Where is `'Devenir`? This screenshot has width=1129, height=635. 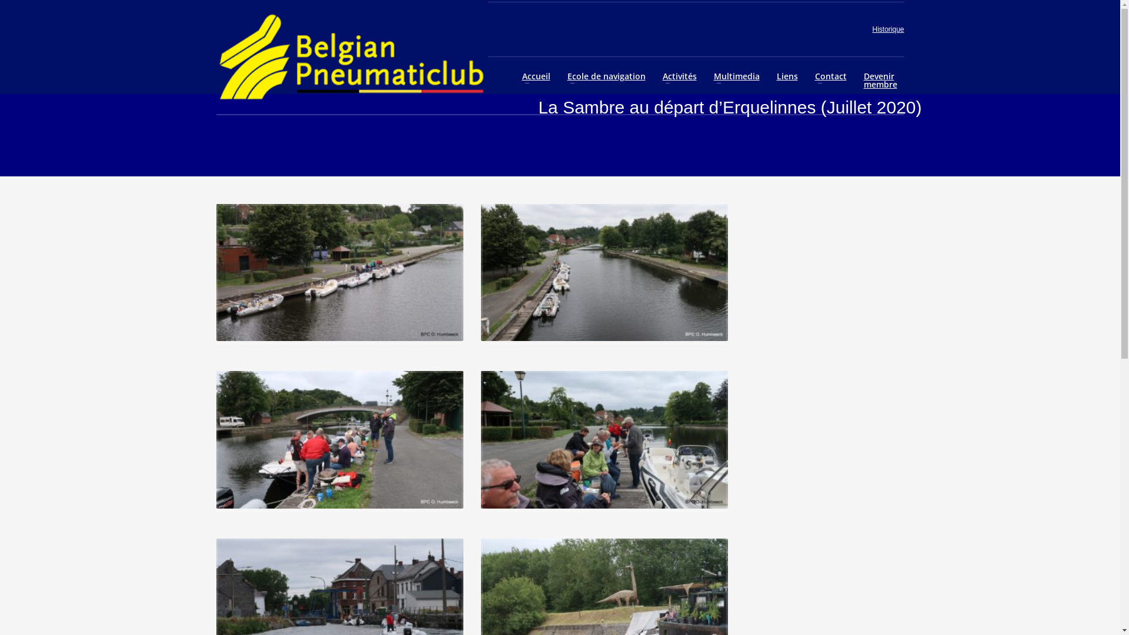 'Devenir is located at coordinates (880, 80).